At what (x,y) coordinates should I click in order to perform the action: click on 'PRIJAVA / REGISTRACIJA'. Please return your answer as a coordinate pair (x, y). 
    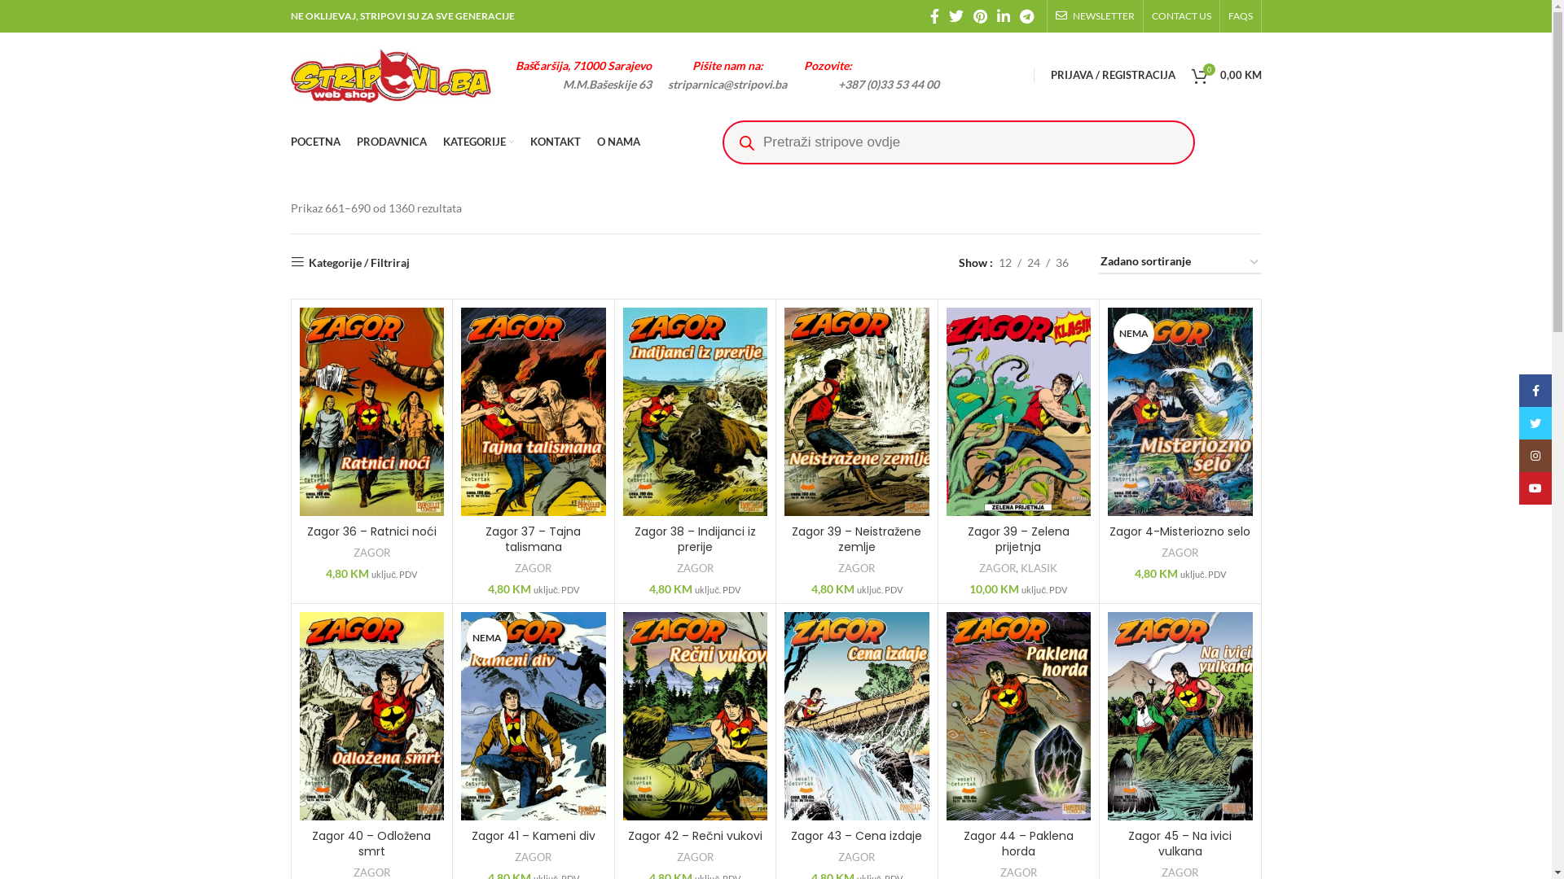
    Looking at the image, I should click on (1112, 75).